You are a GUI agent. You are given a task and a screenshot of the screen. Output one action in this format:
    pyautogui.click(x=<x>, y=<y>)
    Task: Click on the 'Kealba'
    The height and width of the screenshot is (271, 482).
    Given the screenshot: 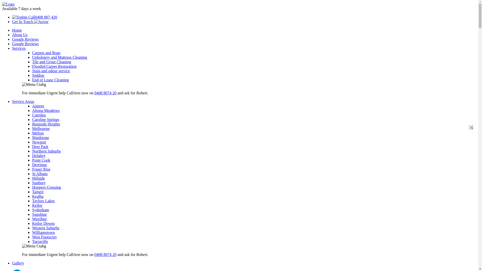 What is the action you would take?
    pyautogui.click(x=32, y=196)
    